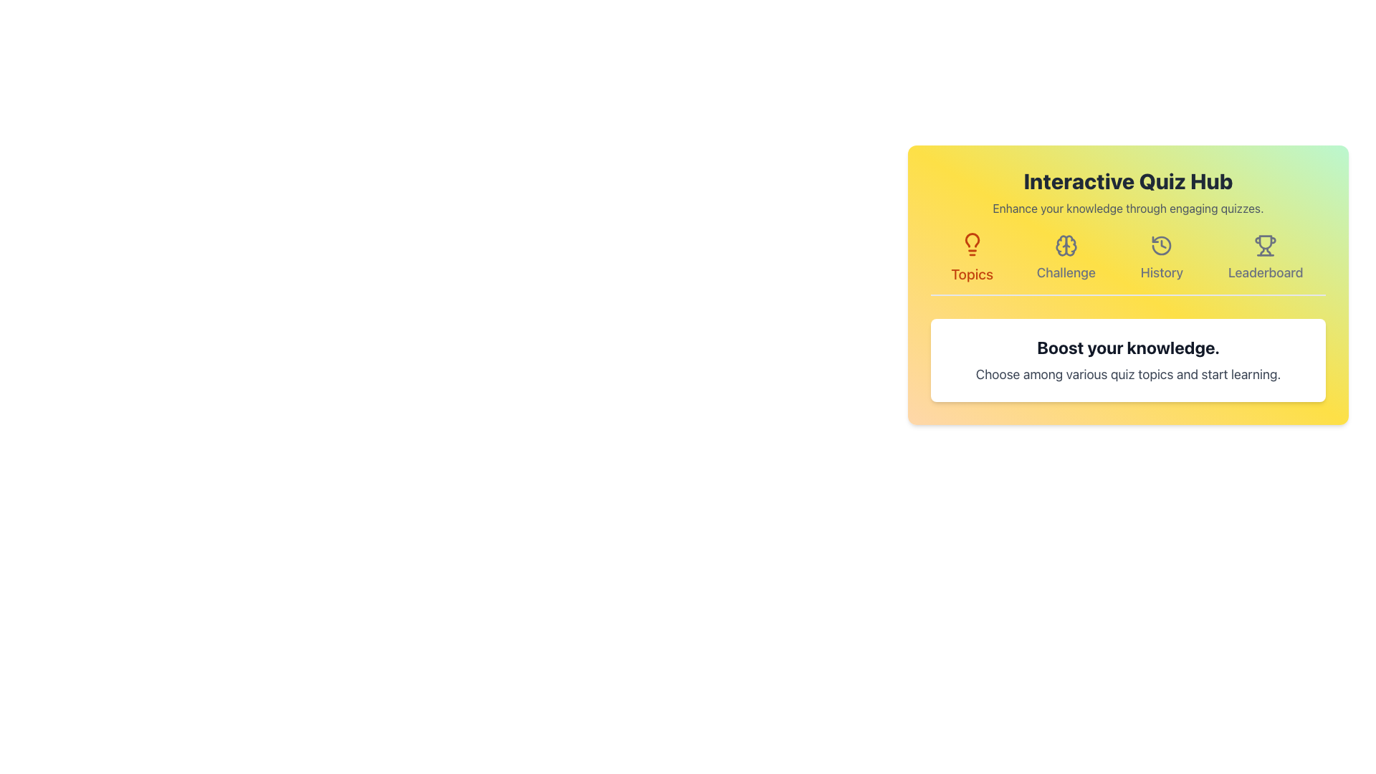  What do you see at coordinates (1162, 245) in the screenshot?
I see `the History icon in the top row of icons within the Interactive Quiz Hub interface` at bounding box center [1162, 245].